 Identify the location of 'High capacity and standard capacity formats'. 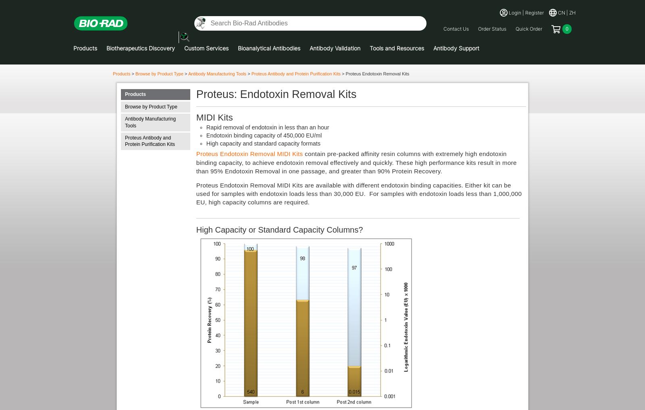
(263, 143).